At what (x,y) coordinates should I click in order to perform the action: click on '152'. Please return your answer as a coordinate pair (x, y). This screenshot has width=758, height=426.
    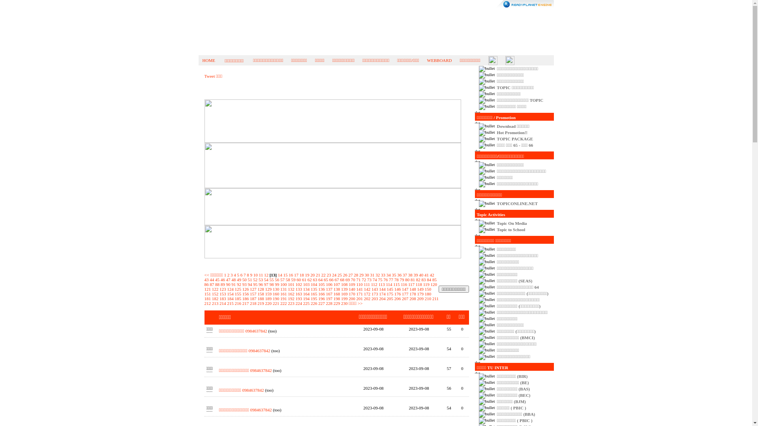
    Looking at the image, I should click on (215, 293).